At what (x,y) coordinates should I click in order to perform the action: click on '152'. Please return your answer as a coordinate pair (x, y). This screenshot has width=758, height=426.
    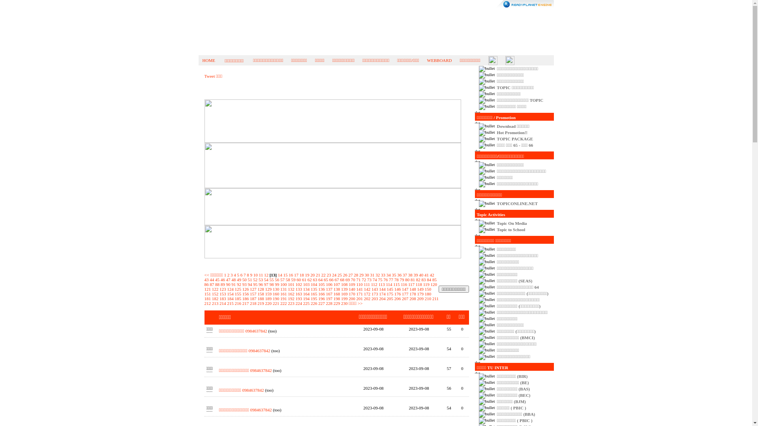
    Looking at the image, I should click on (215, 293).